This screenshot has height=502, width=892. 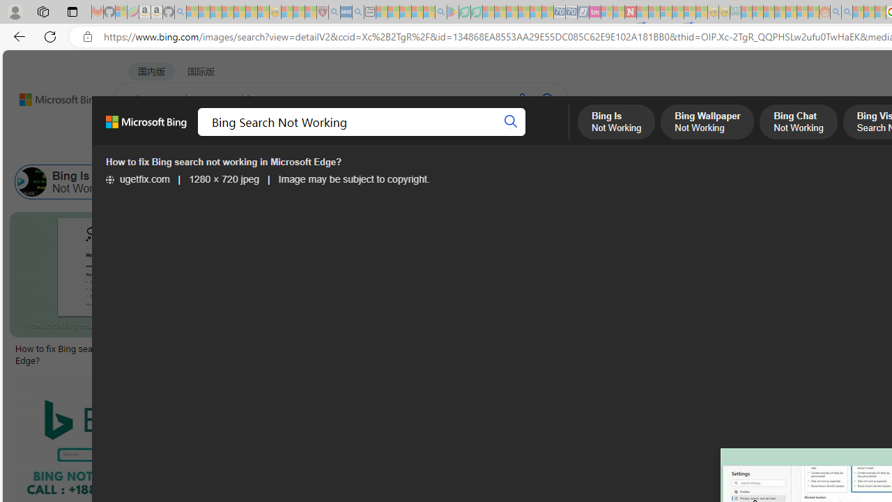 What do you see at coordinates (521, 98) in the screenshot?
I see `'Search using voice'` at bounding box center [521, 98].